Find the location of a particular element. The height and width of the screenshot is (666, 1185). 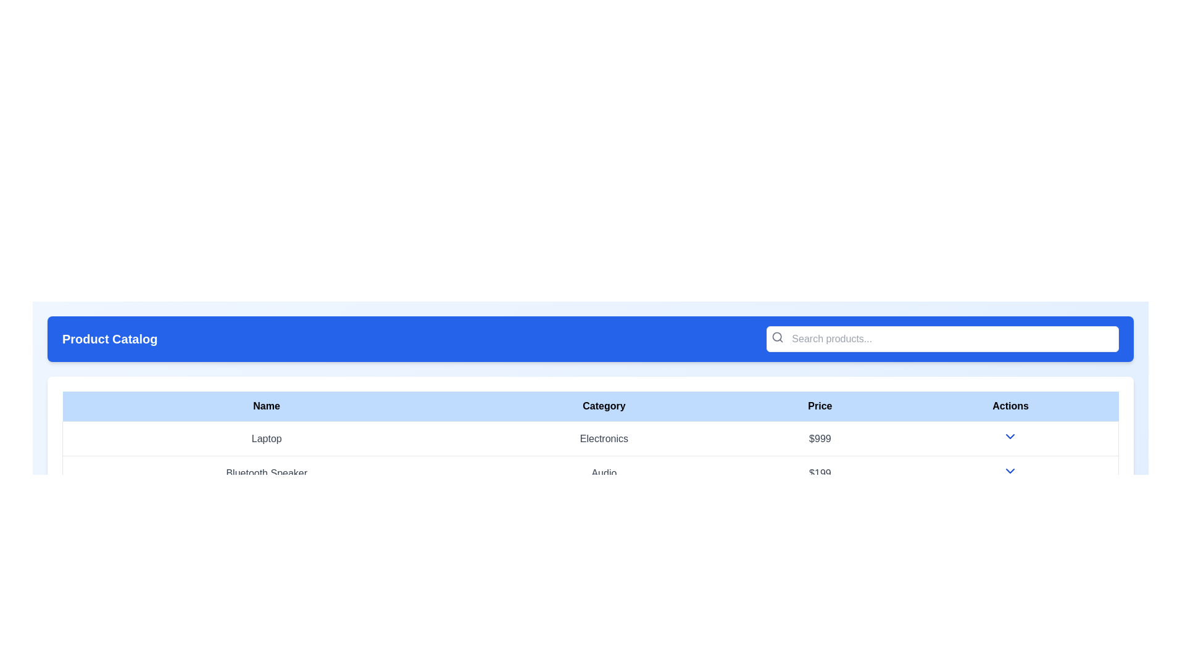

the static text label displaying the price of the 'Laptop' product located in the third cell of the product table is located at coordinates (820, 438).